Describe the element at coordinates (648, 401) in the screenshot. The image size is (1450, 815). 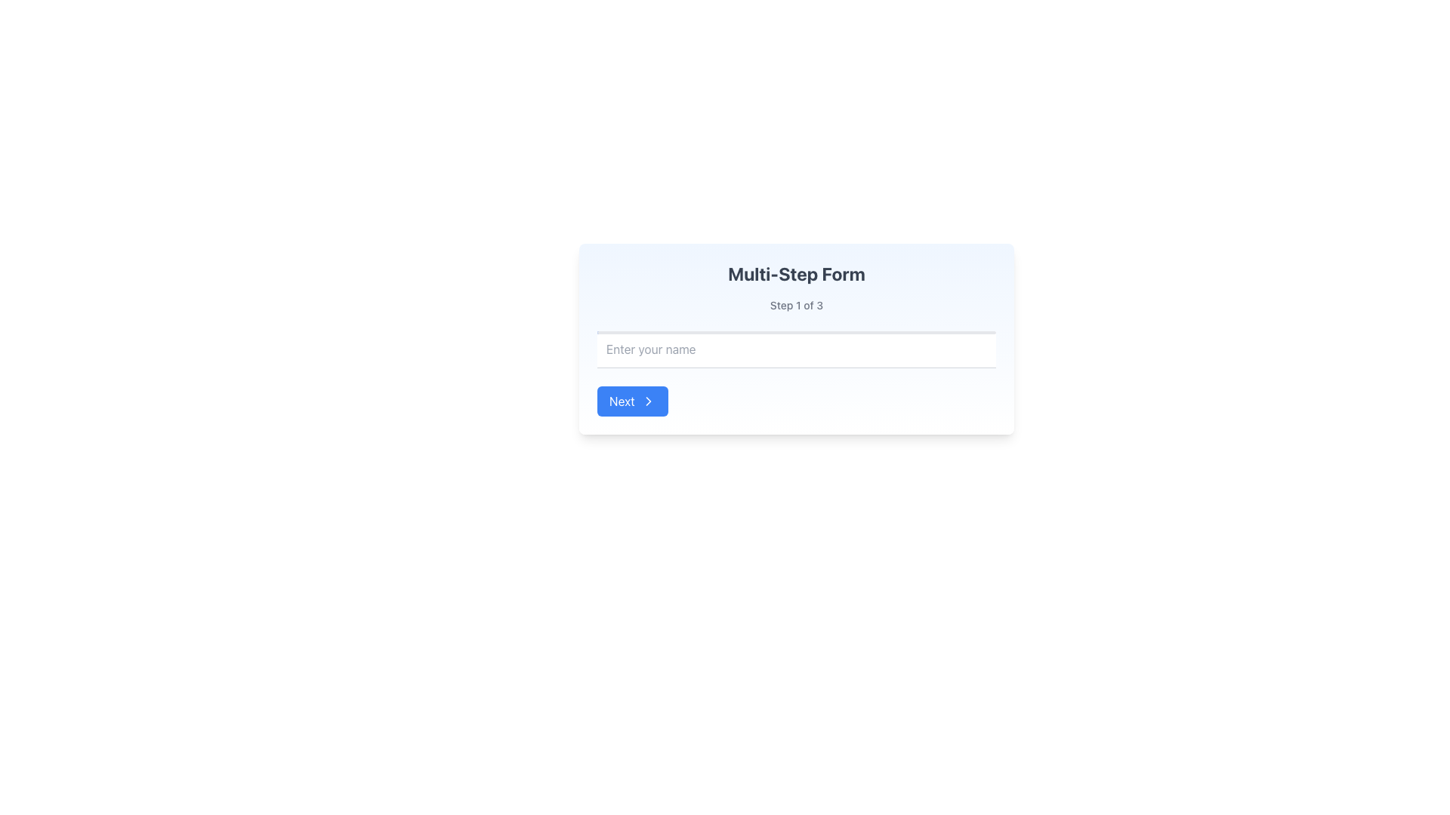
I see `the chevron arrow icon located to the right of the 'Next' text within the button at the bottom left quadrant of the form interface` at that location.